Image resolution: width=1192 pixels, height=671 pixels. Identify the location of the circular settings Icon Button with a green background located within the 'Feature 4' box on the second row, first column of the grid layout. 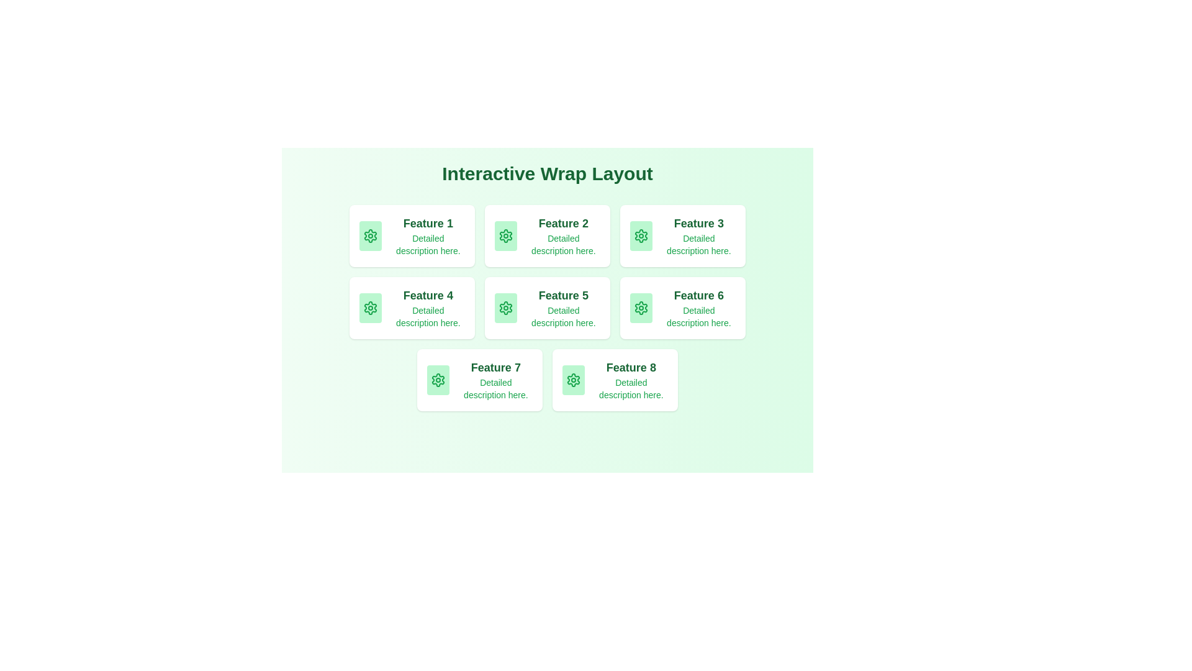
(369, 308).